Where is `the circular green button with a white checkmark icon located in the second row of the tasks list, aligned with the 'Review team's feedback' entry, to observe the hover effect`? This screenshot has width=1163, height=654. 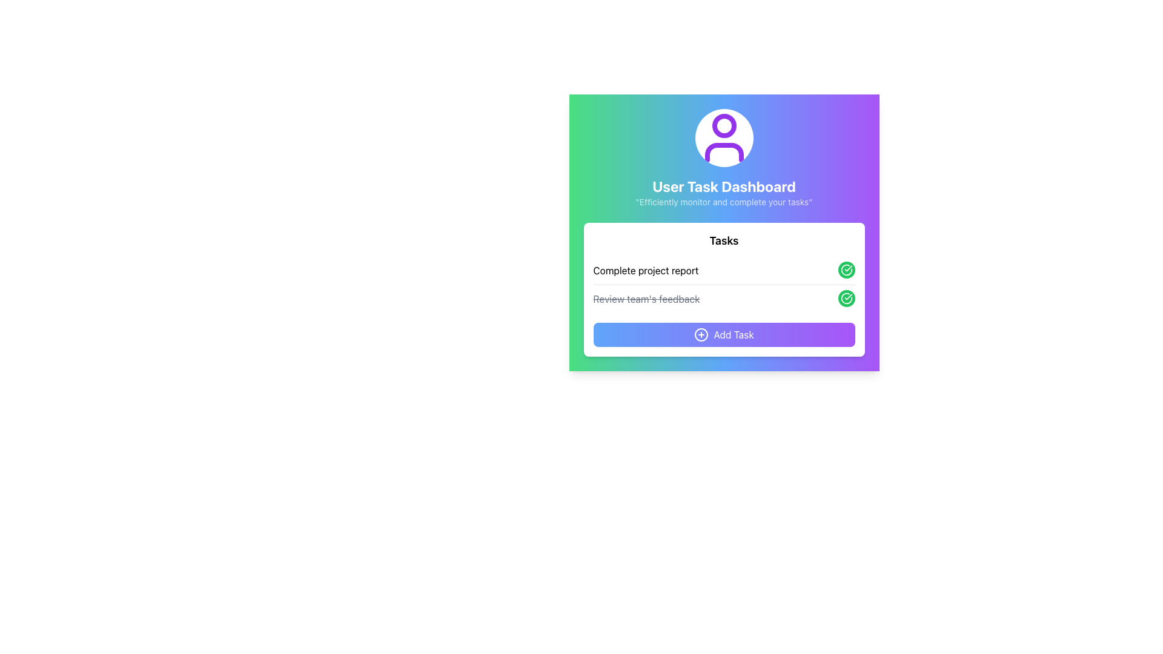
the circular green button with a white checkmark icon located in the second row of the tasks list, aligned with the 'Review team's feedback' entry, to observe the hover effect is located at coordinates (846, 299).